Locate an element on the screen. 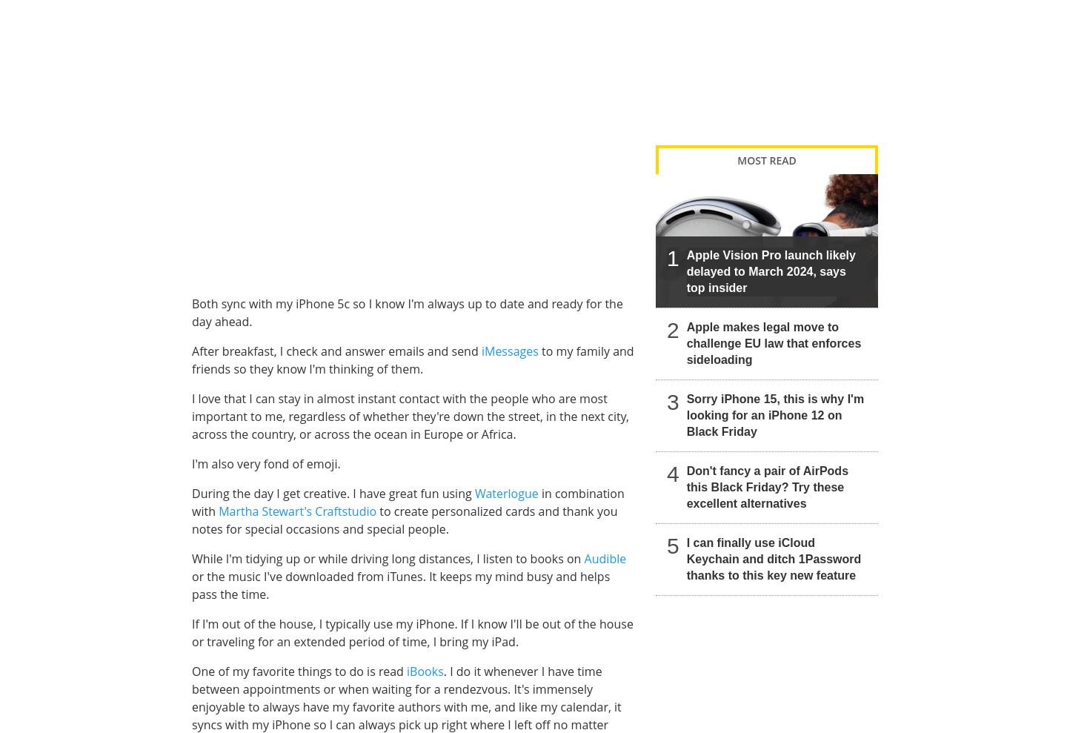 The height and width of the screenshot is (733, 1067). '1' is located at coordinates (673, 256).